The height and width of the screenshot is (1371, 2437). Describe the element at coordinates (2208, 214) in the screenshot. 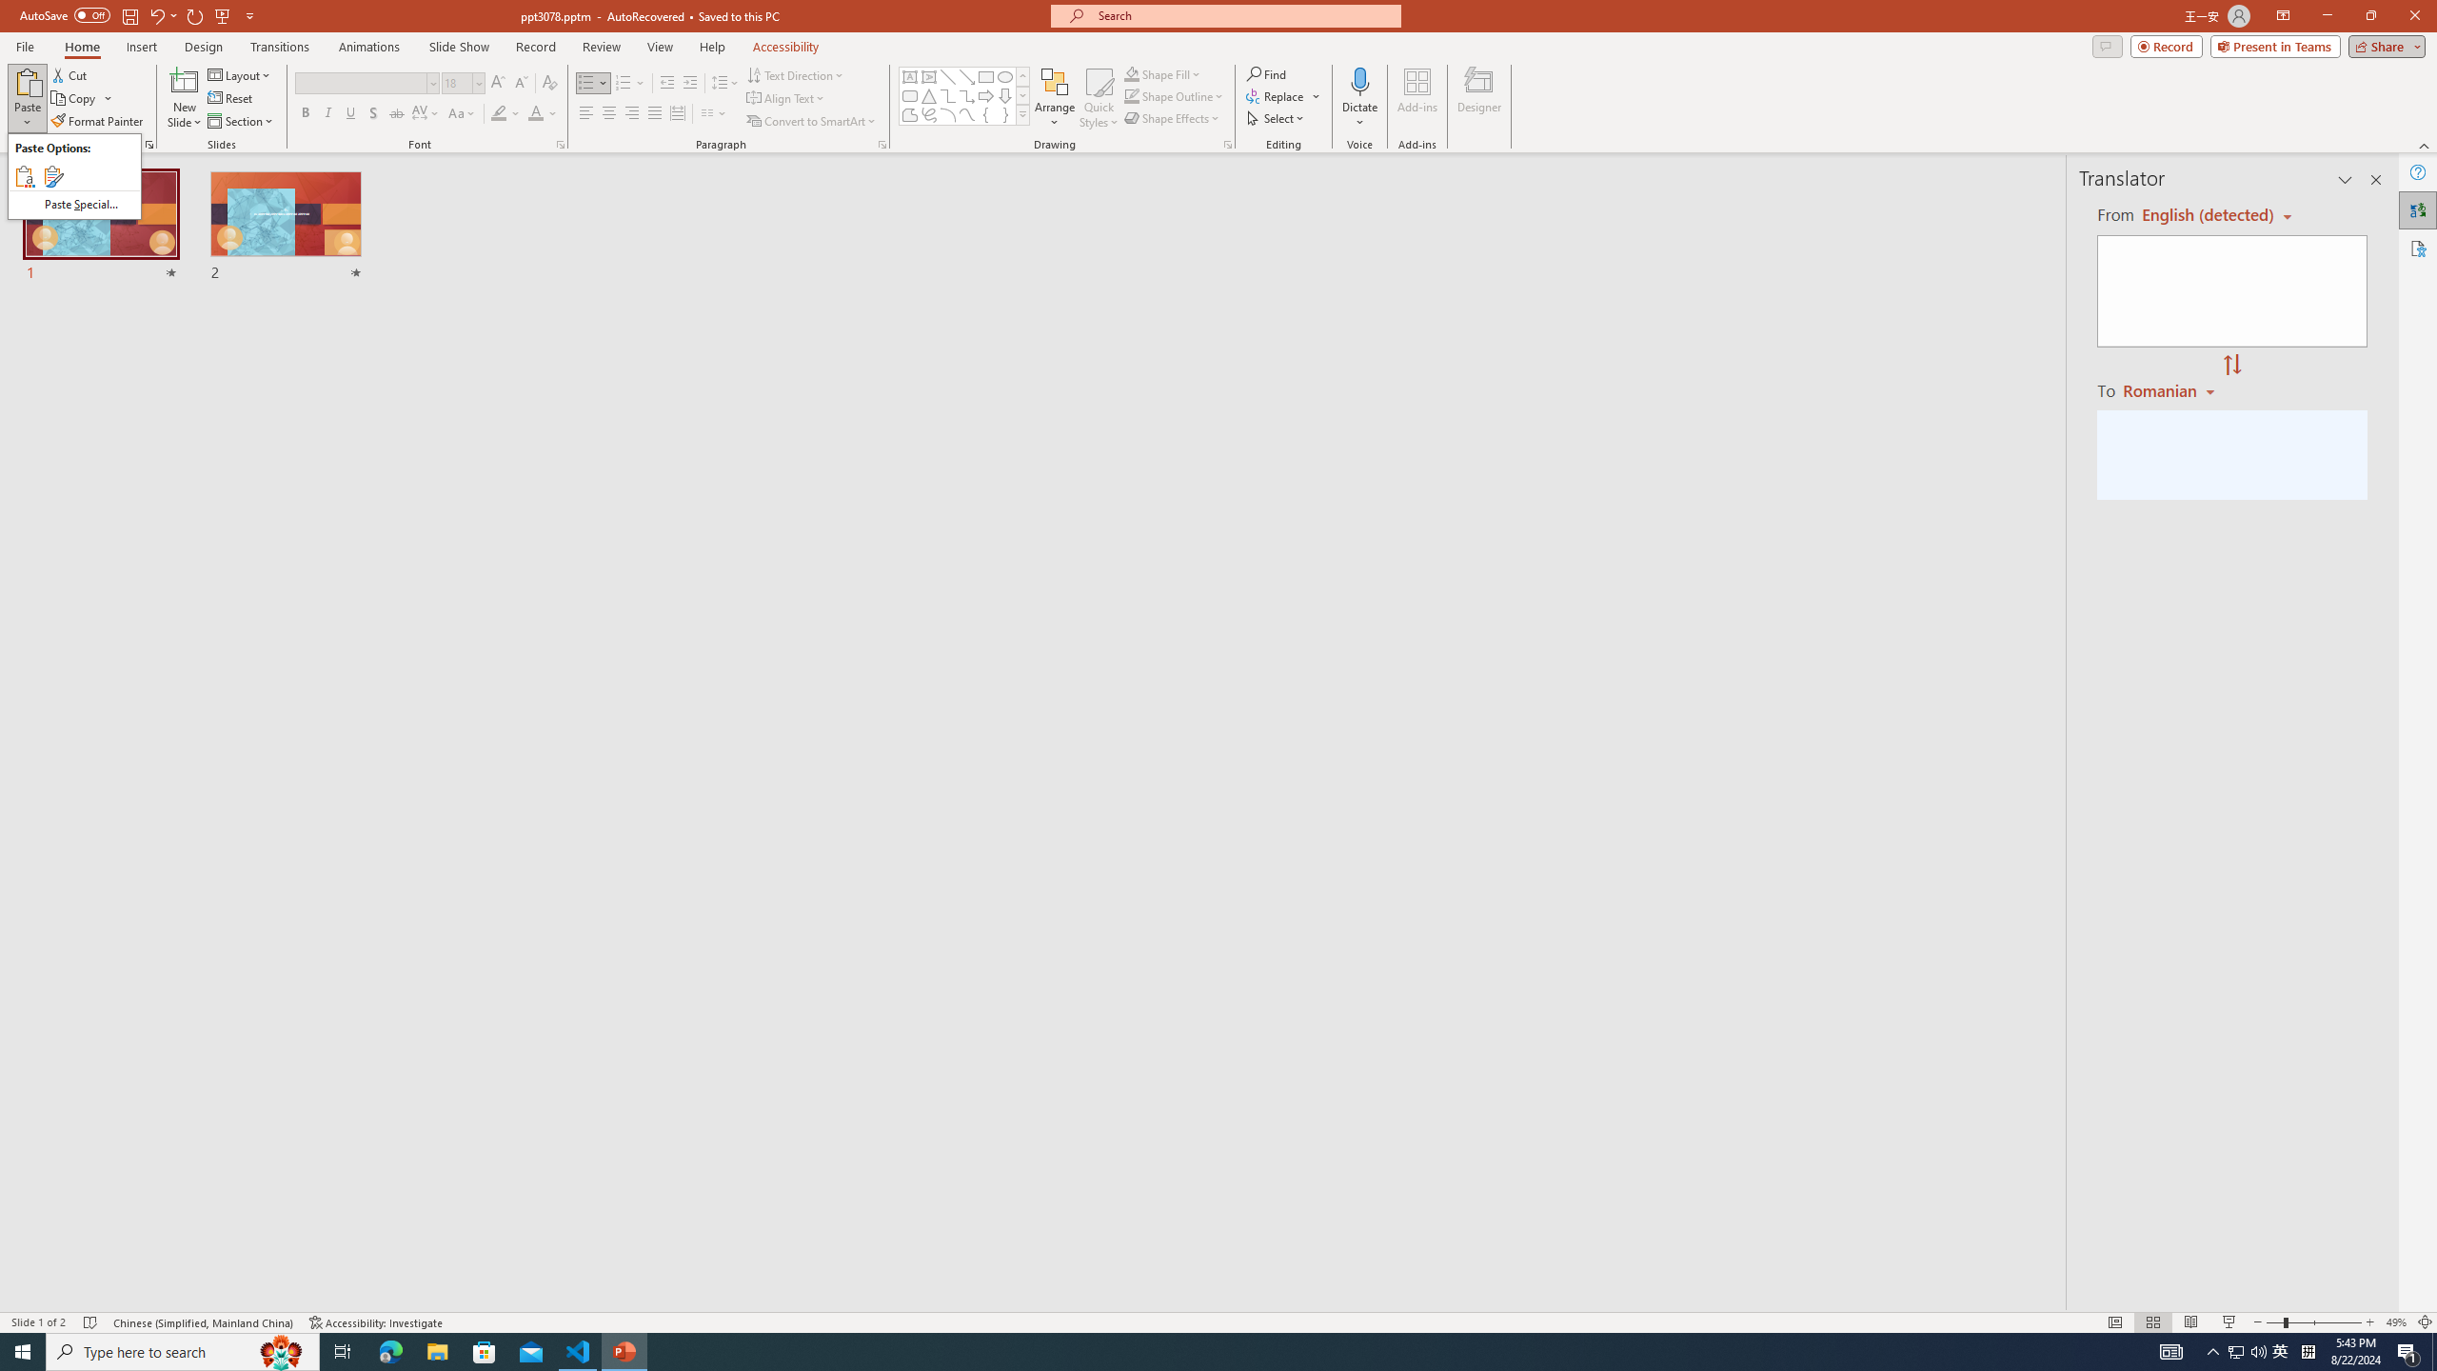

I see `'Czech (detected)'` at that location.